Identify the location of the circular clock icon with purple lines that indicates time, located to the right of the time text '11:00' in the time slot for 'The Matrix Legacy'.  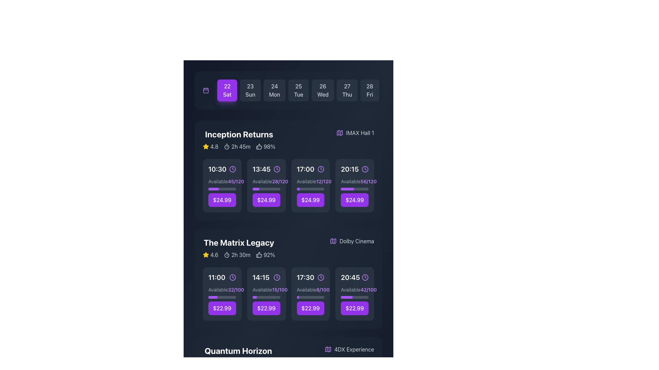
(232, 277).